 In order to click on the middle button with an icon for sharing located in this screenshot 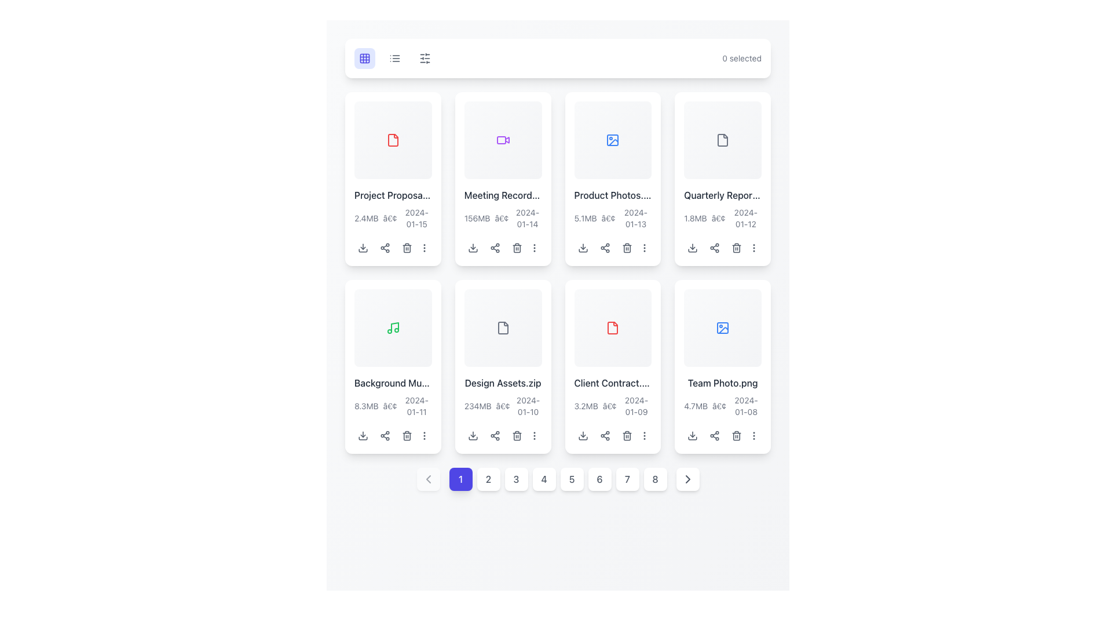, I will do `click(495, 247)`.